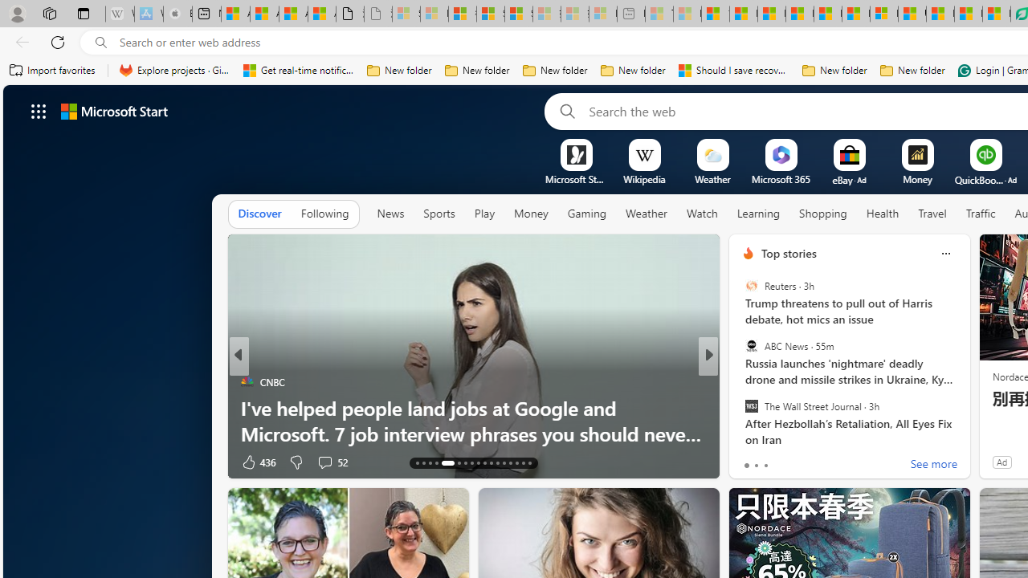 Image resolution: width=1028 pixels, height=578 pixels. What do you see at coordinates (529, 463) in the screenshot?
I see `'AutomationID: tab-41'` at bounding box center [529, 463].